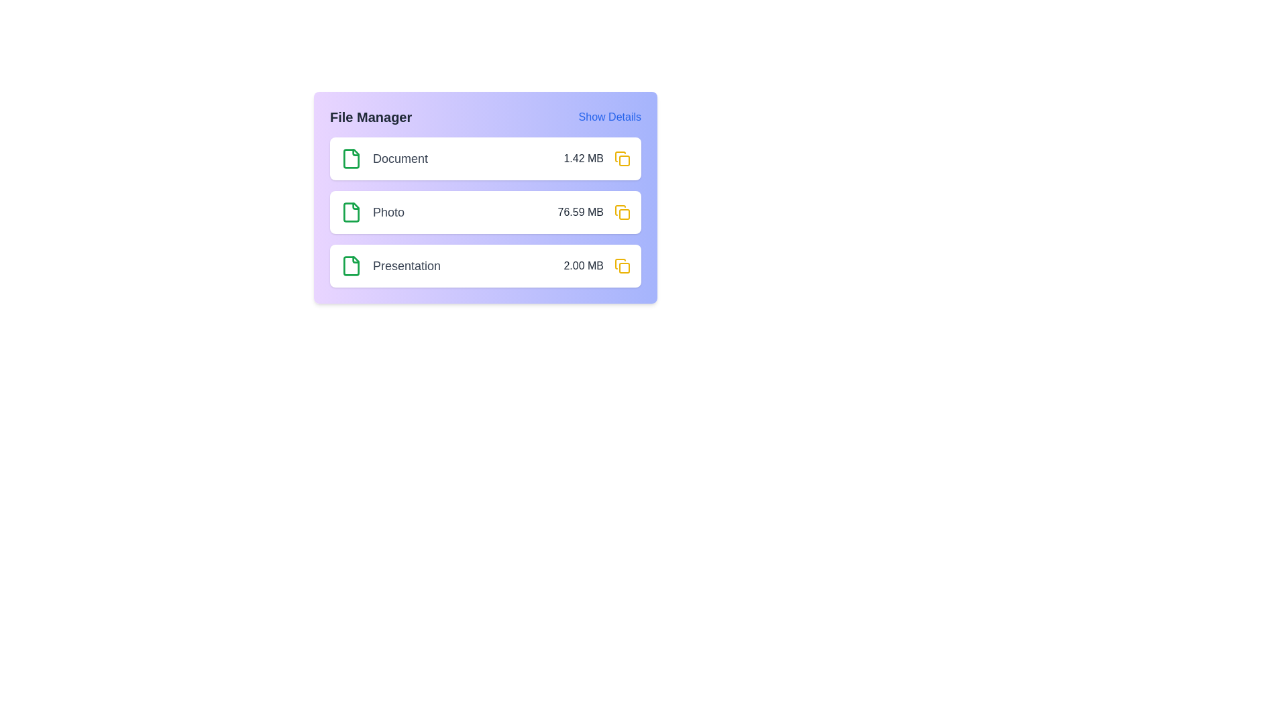  I want to click on the non-interactive visual icon representing a 'Photo' file in the file manager interface, which is located on the same row as the 'Photo' label, so click(351, 211).